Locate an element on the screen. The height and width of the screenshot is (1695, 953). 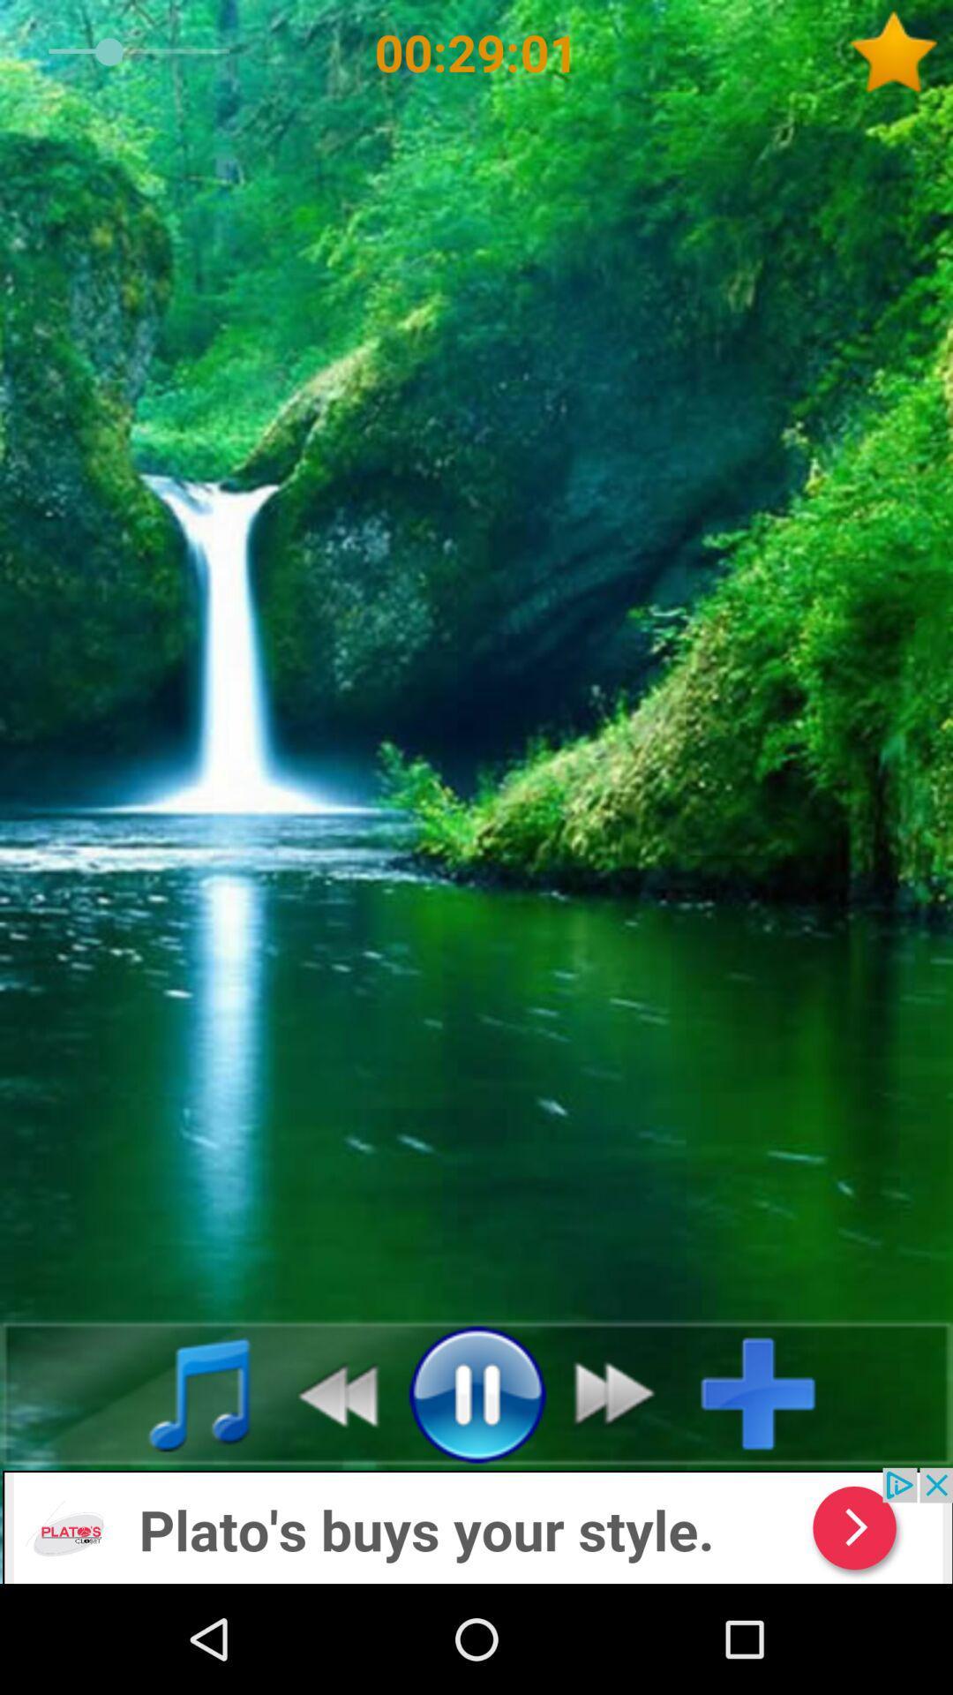
the music icon is located at coordinates (180, 1392).